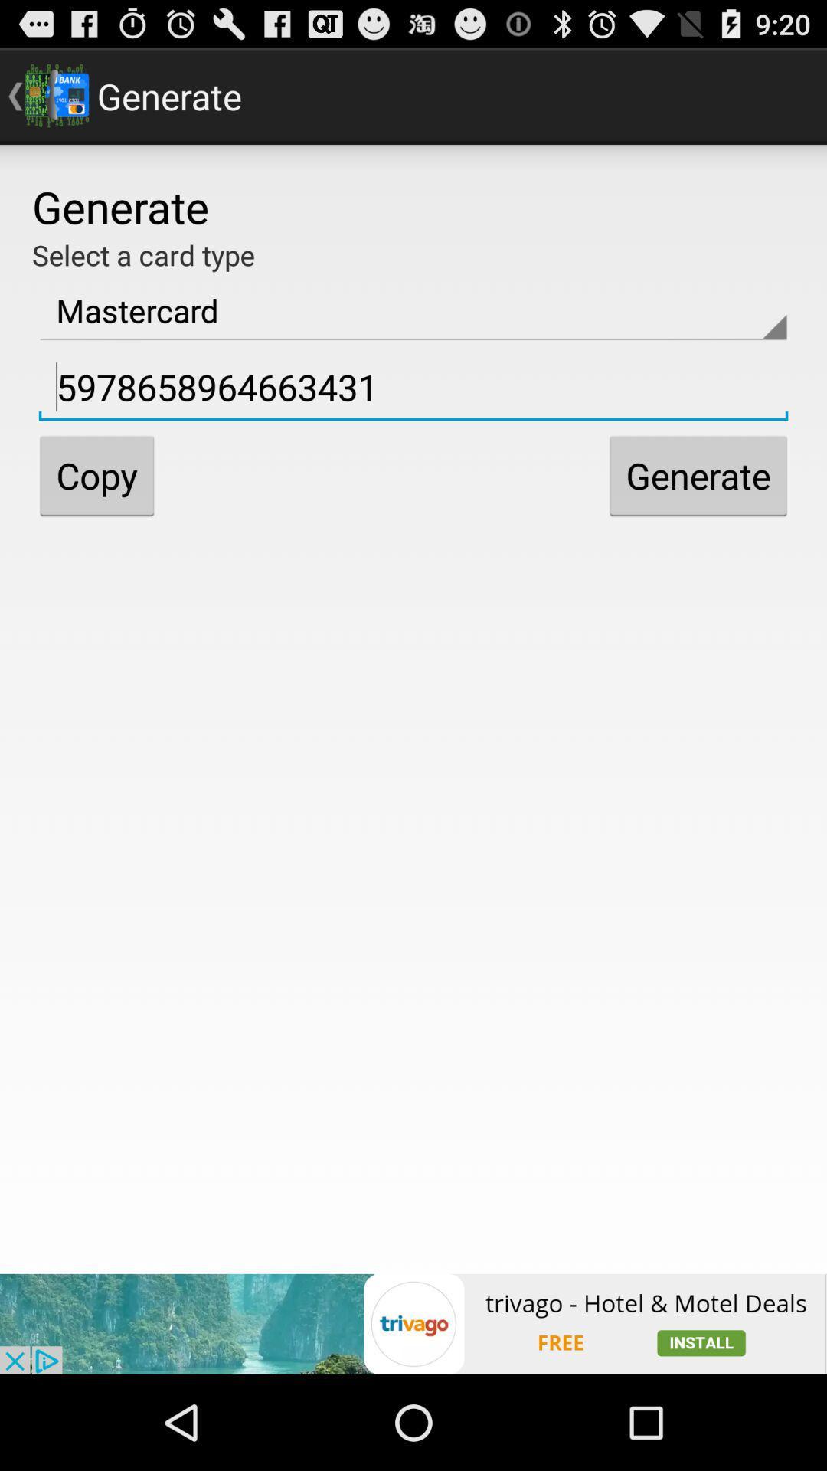 The image size is (827, 1471). I want to click on the option, so click(413, 1323).